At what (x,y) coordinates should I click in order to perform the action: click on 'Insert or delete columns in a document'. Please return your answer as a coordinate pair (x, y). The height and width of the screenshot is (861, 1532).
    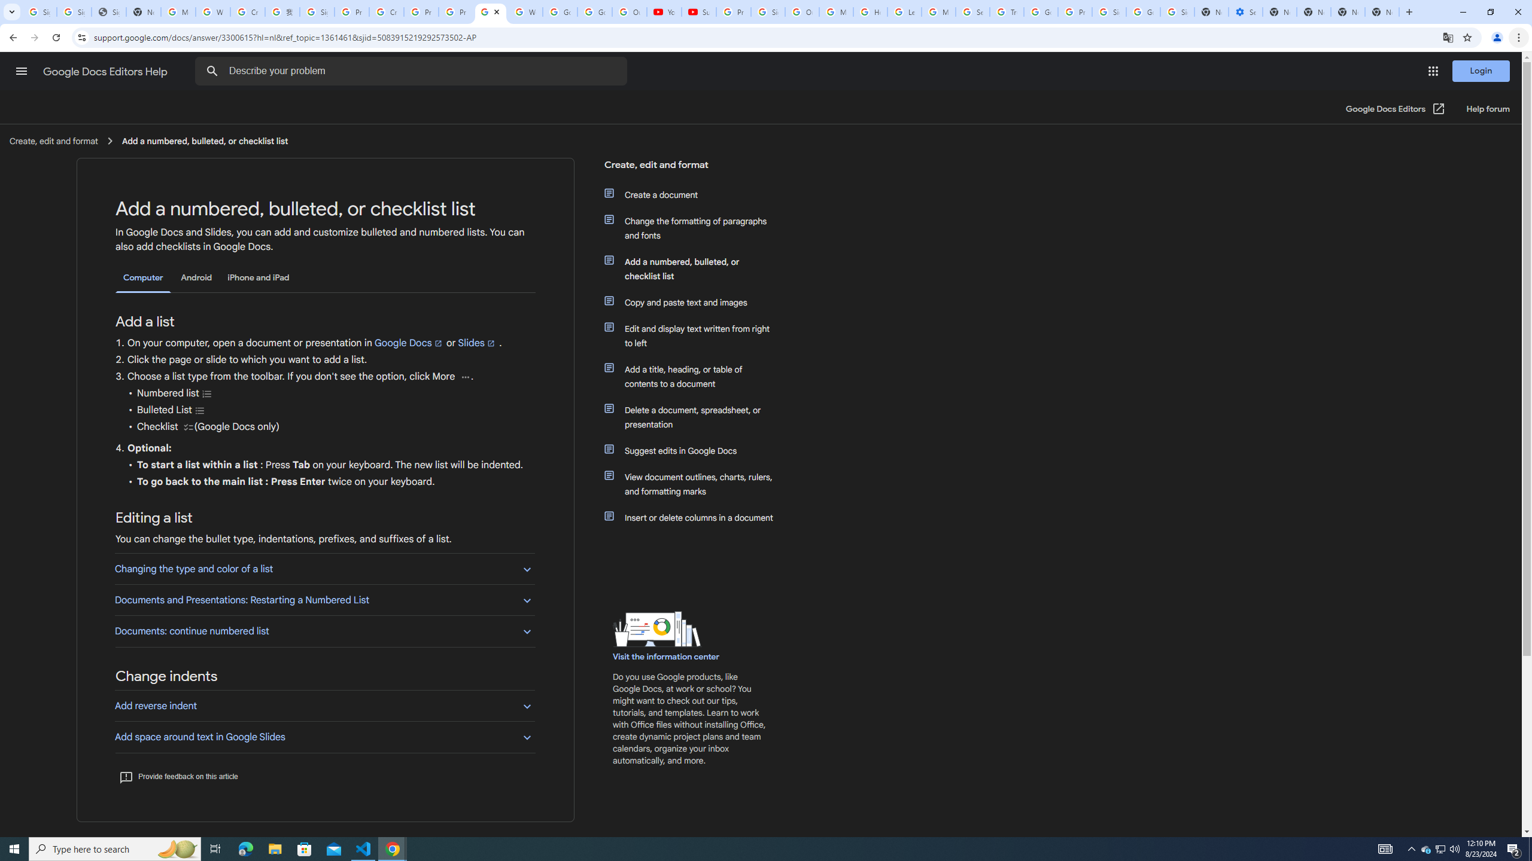
    Looking at the image, I should click on (695, 517).